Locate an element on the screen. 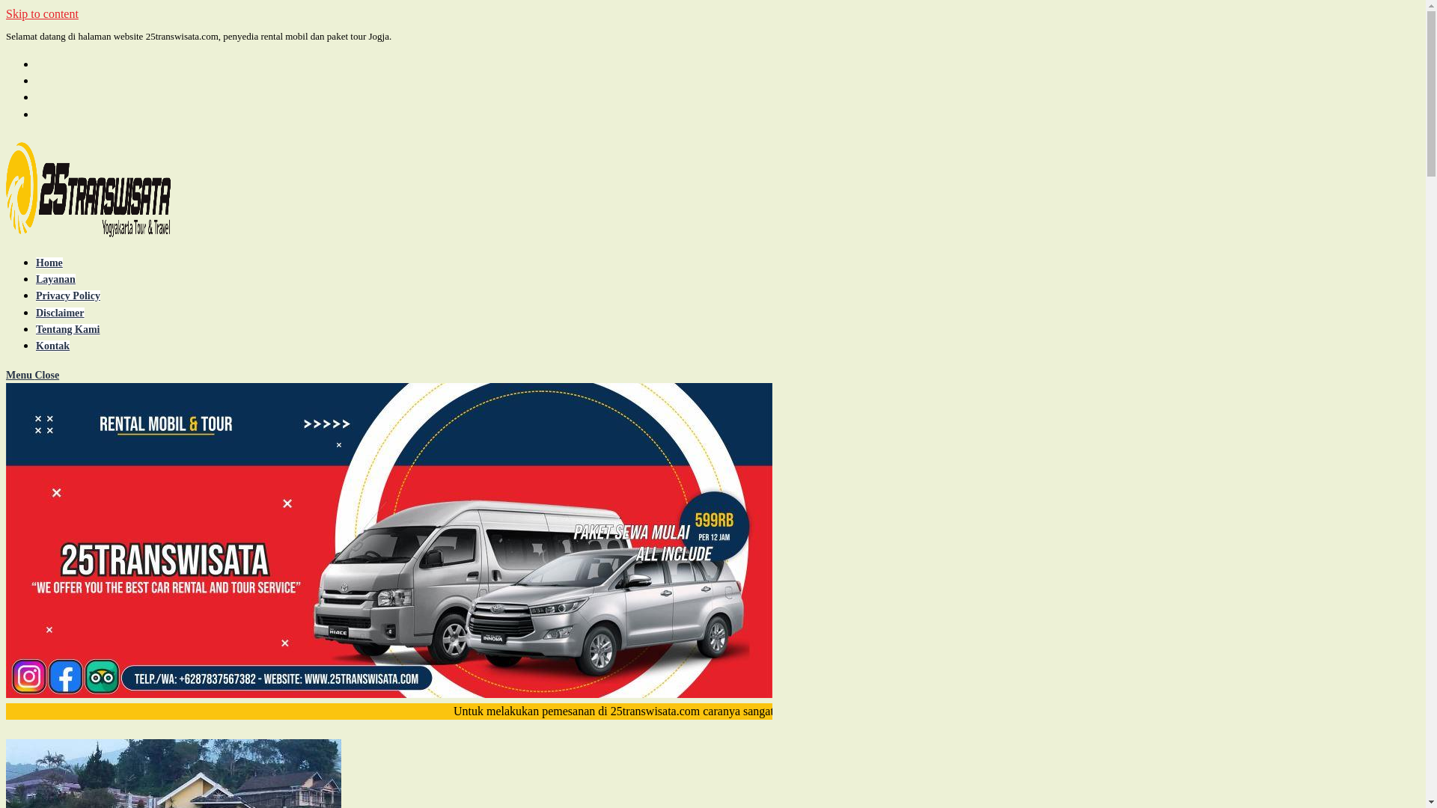 The width and height of the screenshot is (1437, 808). 'Tentang Kami' is located at coordinates (36, 328).